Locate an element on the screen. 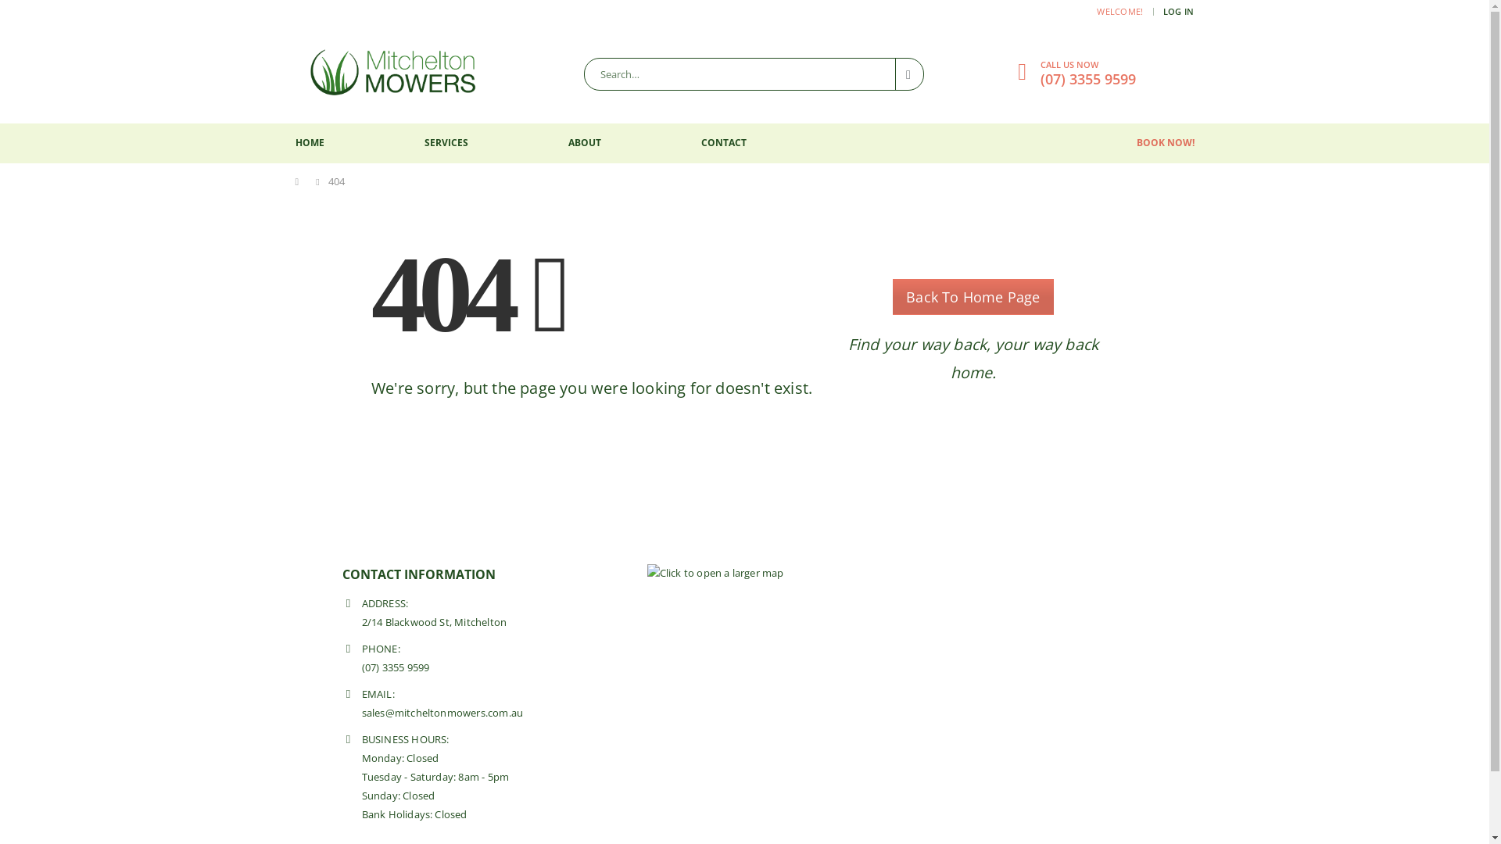 This screenshot has width=1501, height=844. 'SERVICES' is located at coordinates (445, 143).